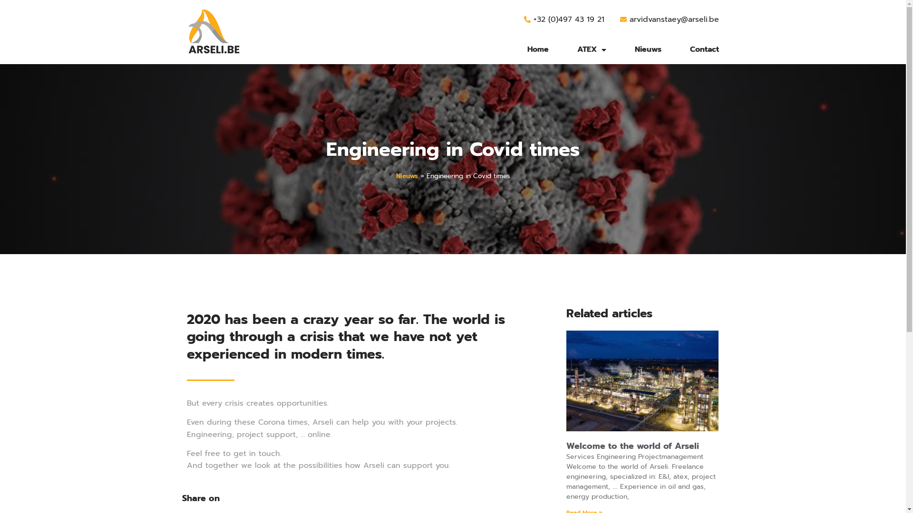  I want to click on 'ATEX', so click(591, 49).